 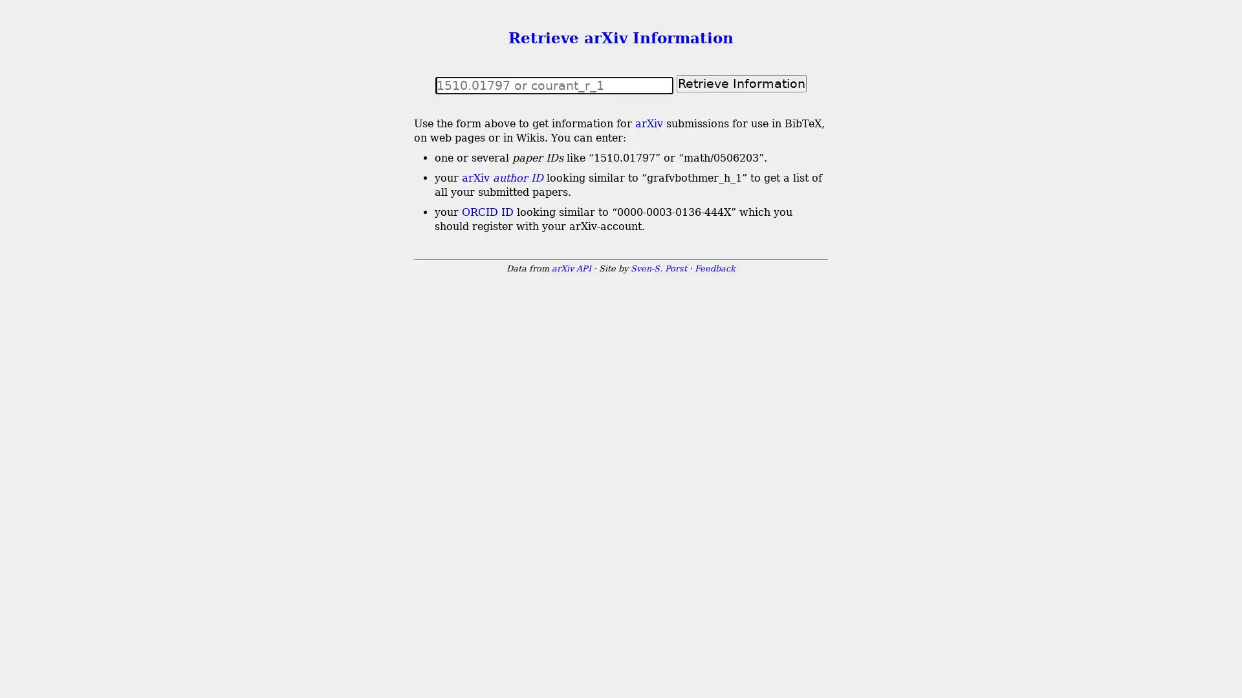 I want to click on Retrieve Information, so click(x=741, y=83).